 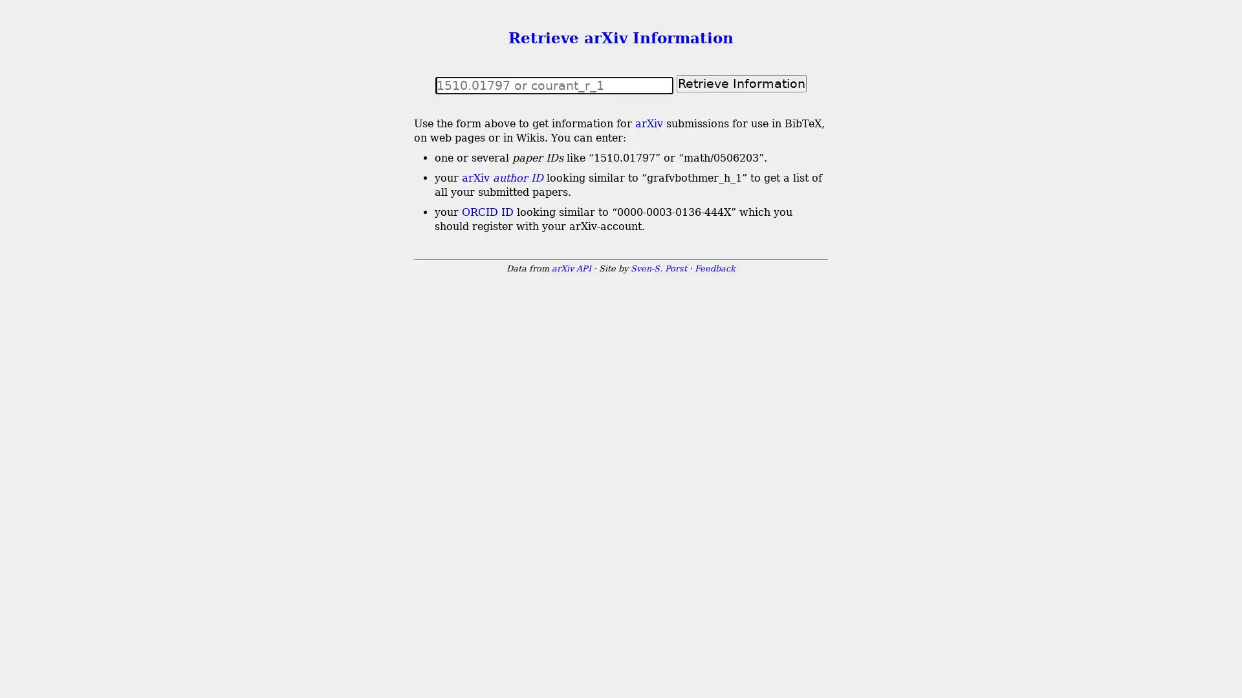 I want to click on Retrieve Information, so click(x=741, y=83).